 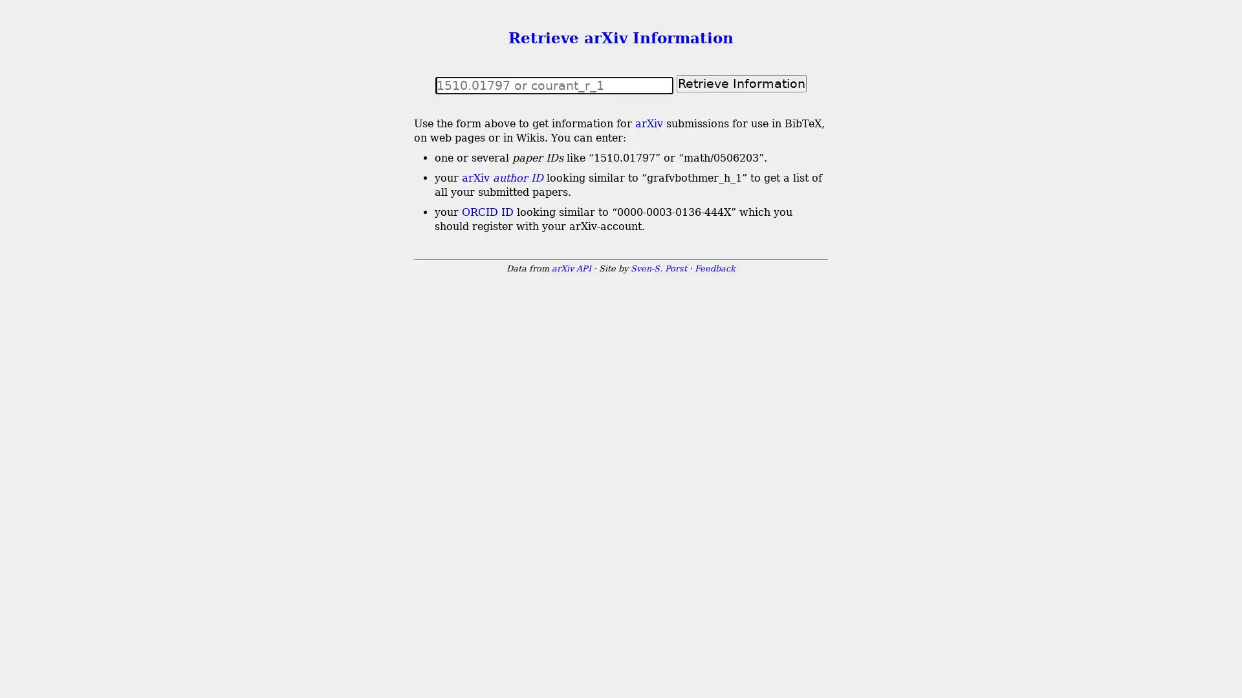 I want to click on Retrieve Information, so click(x=741, y=83).